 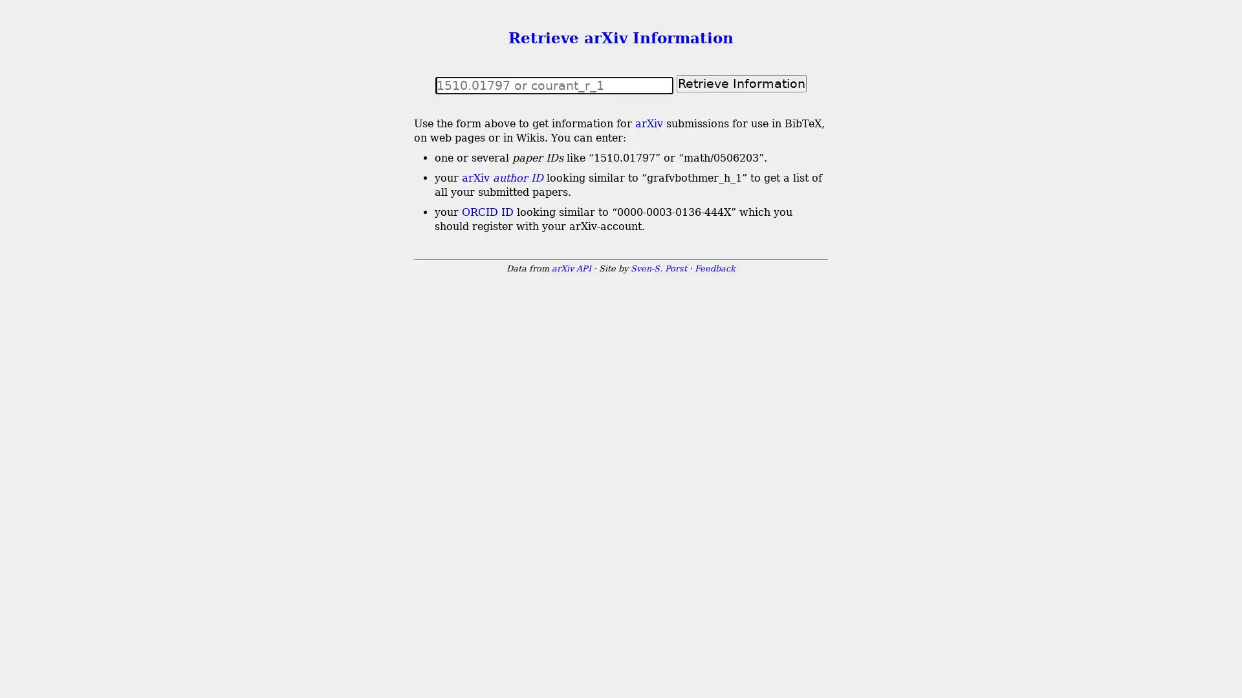 I want to click on Retrieve Information, so click(x=741, y=83).